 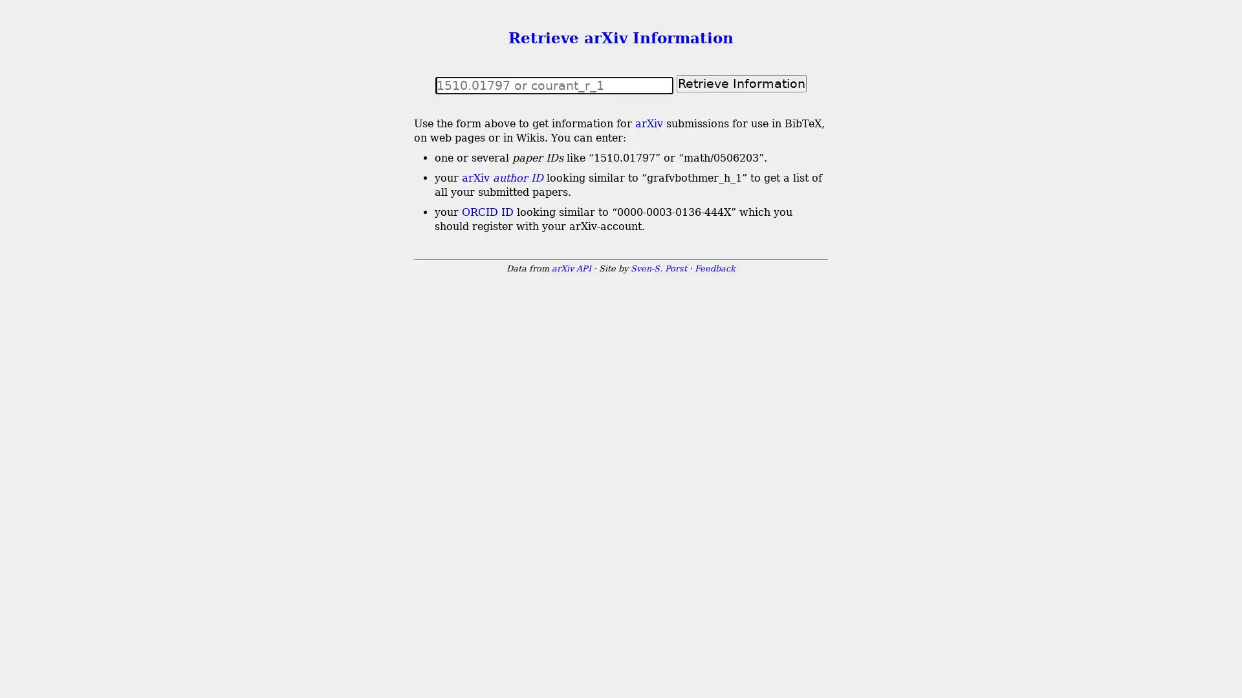 I want to click on Retrieve Information, so click(x=741, y=83).